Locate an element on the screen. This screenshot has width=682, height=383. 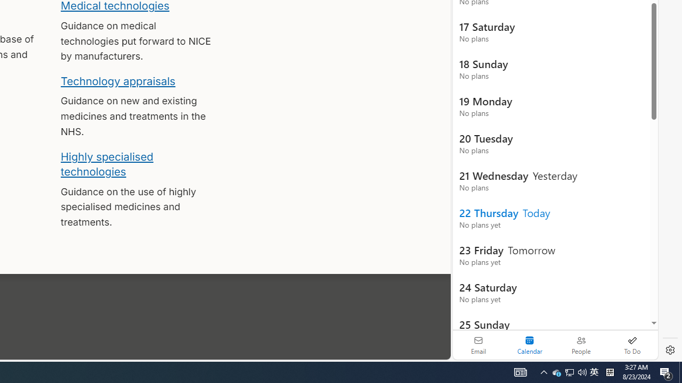
'Email' is located at coordinates (478, 345).